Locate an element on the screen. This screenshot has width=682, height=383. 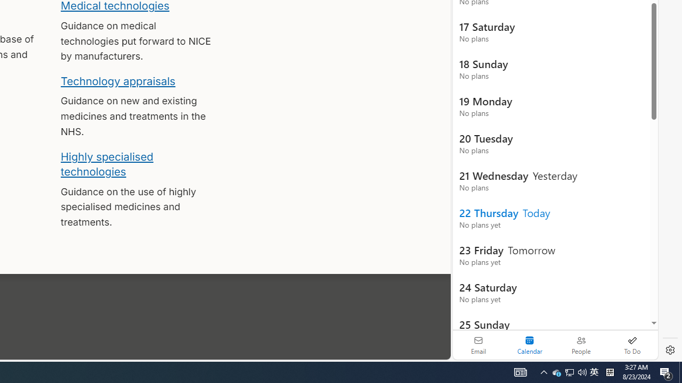
'Email' is located at coordinates (478, 345).